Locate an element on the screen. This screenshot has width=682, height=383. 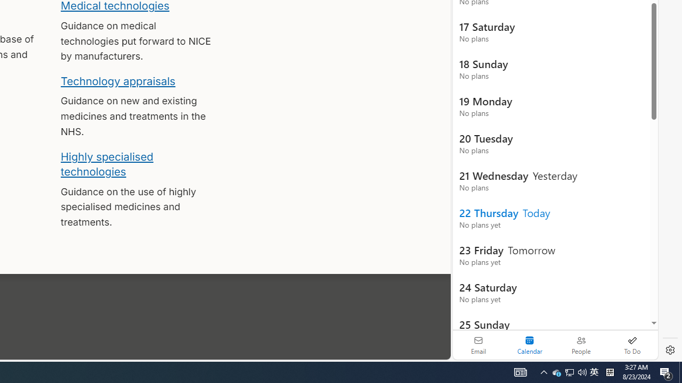
'Email' is located at coordinates (478, 345).